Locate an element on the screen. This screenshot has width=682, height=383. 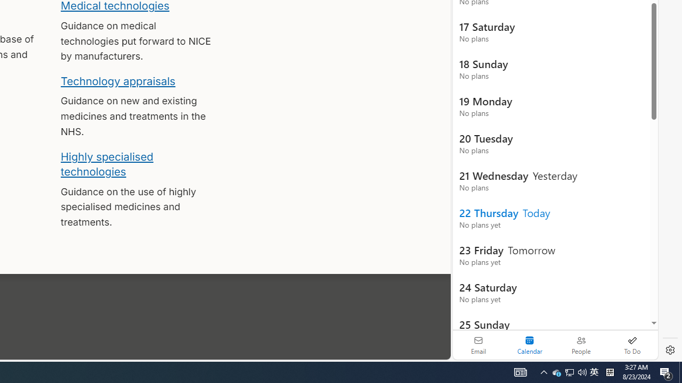
'Email' is located at coordinates (478, 345).